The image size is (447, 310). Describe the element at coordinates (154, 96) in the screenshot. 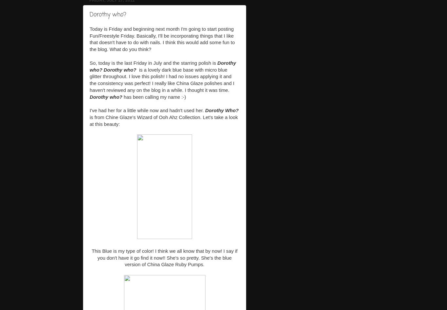

I see `'has been calling my name :-)'` at that location.